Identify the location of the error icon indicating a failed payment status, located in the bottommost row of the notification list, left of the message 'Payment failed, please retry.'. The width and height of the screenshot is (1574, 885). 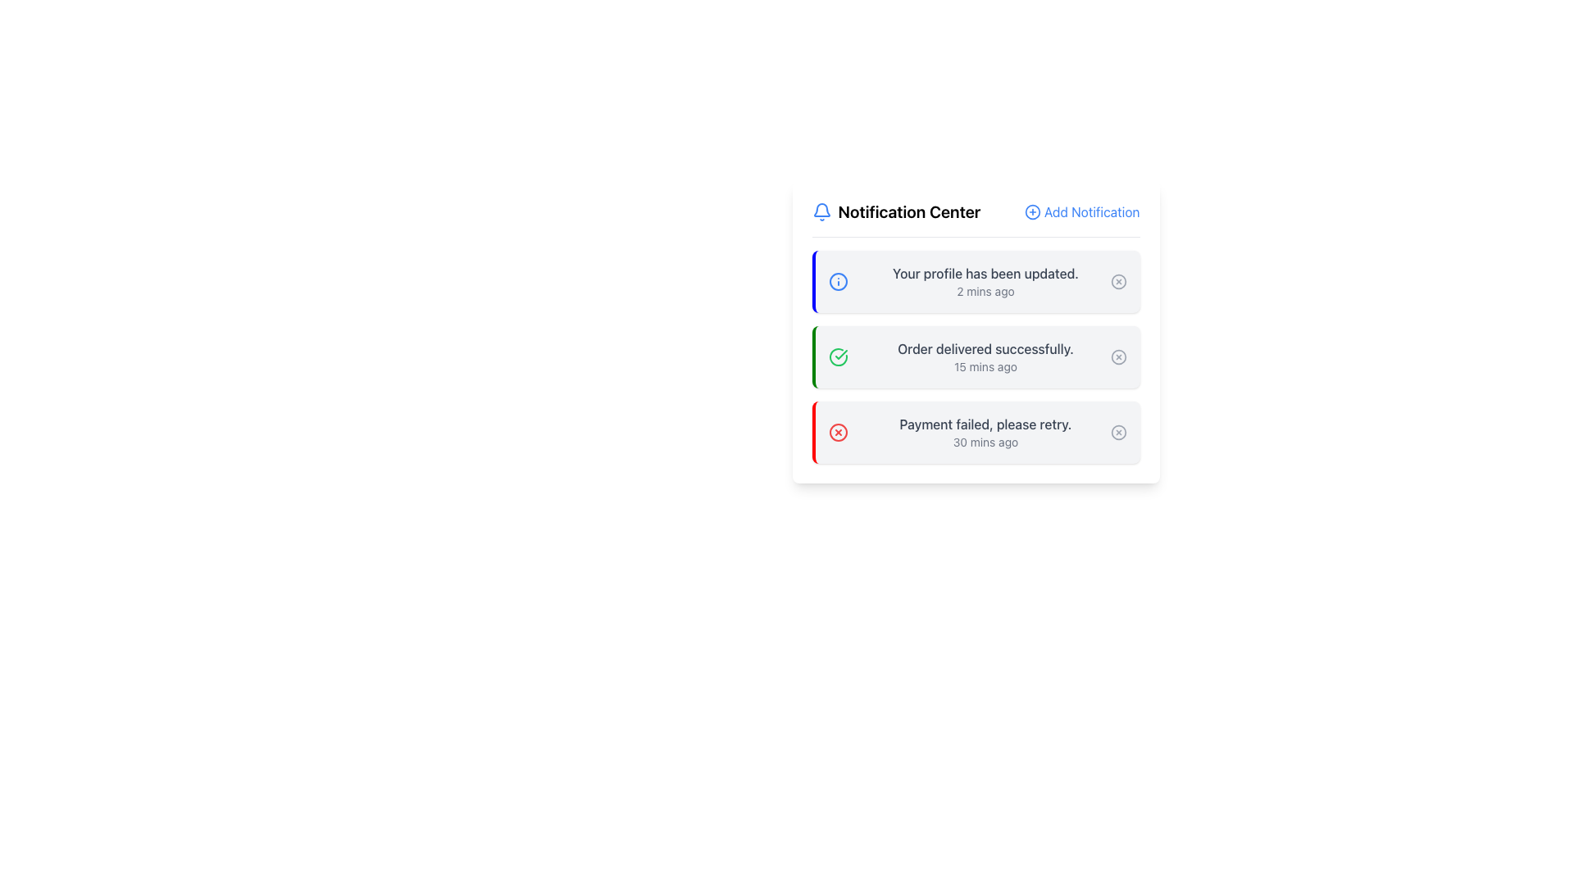
(838, 432).